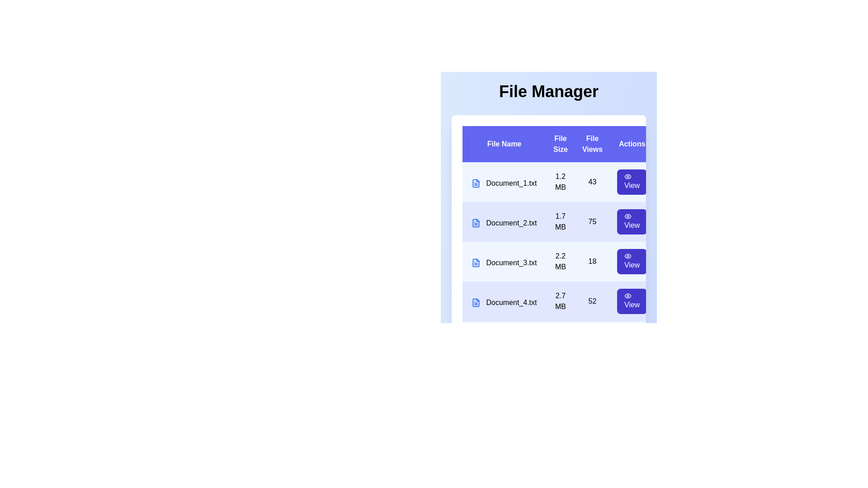 This screenshot has width=868, height=488. I want to click on the 'View' button corresponding to the file with name Document_3.txt, so click(632, 261).